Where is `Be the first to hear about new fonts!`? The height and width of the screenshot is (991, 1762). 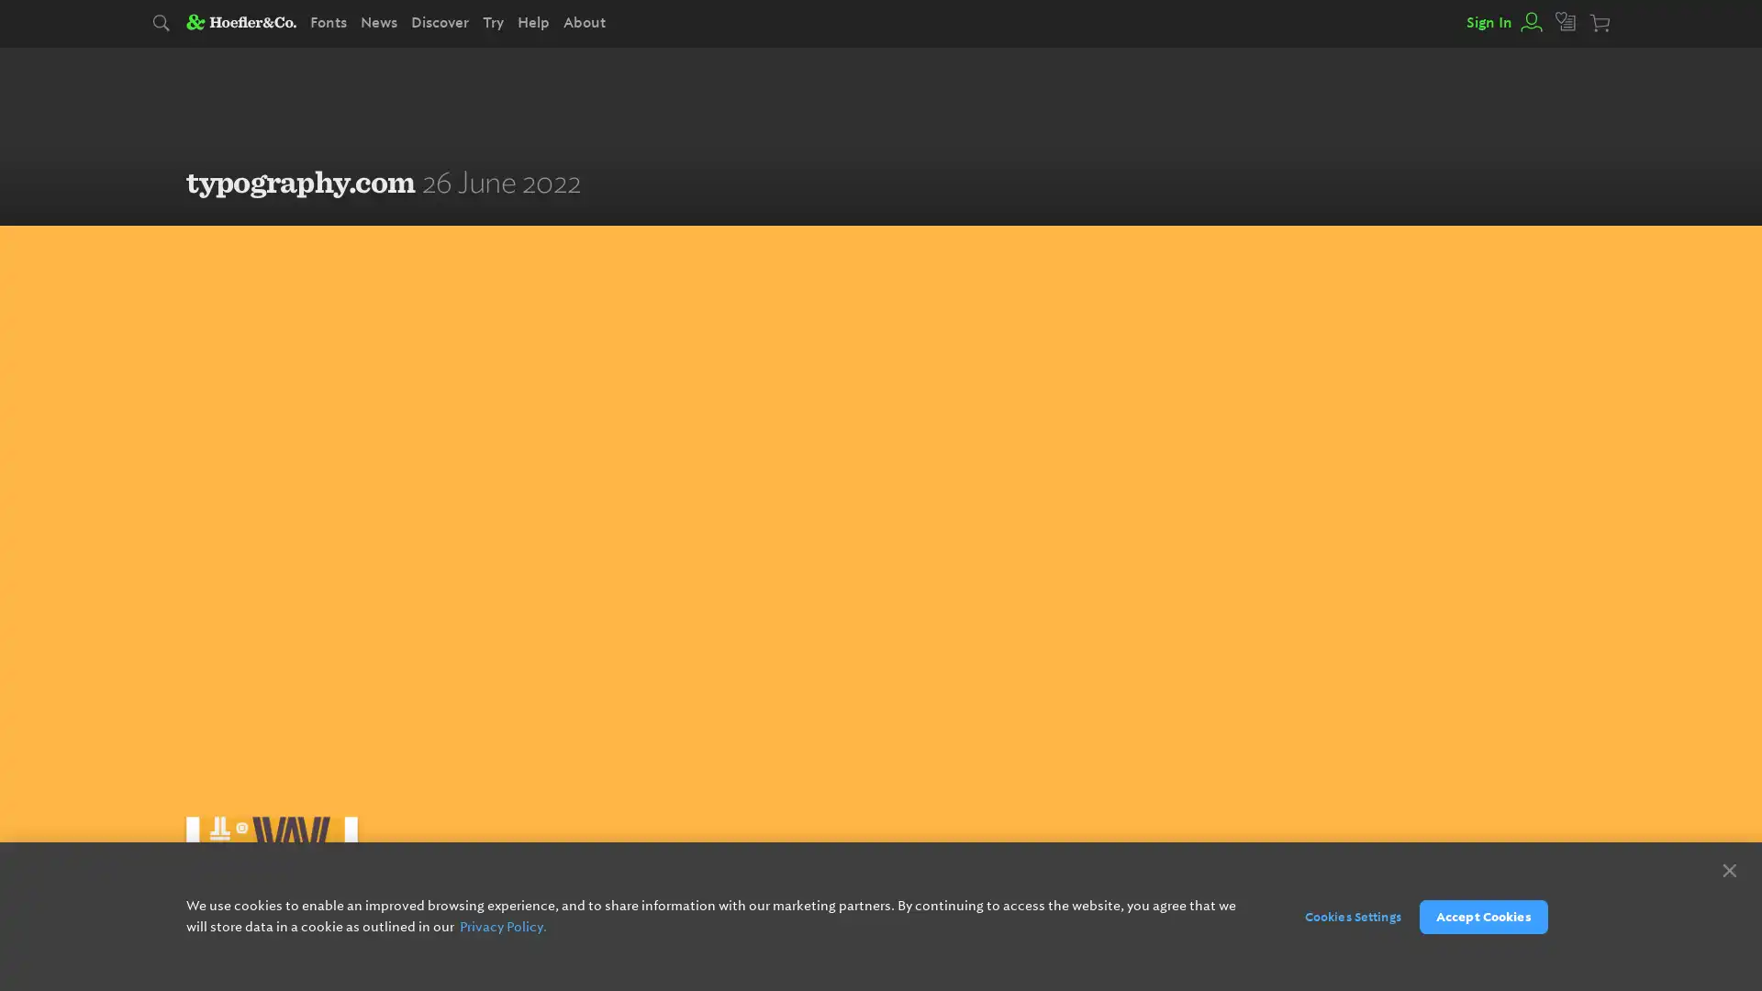
Be the first to hear about new fonts! is located at coordinates (972, 915).